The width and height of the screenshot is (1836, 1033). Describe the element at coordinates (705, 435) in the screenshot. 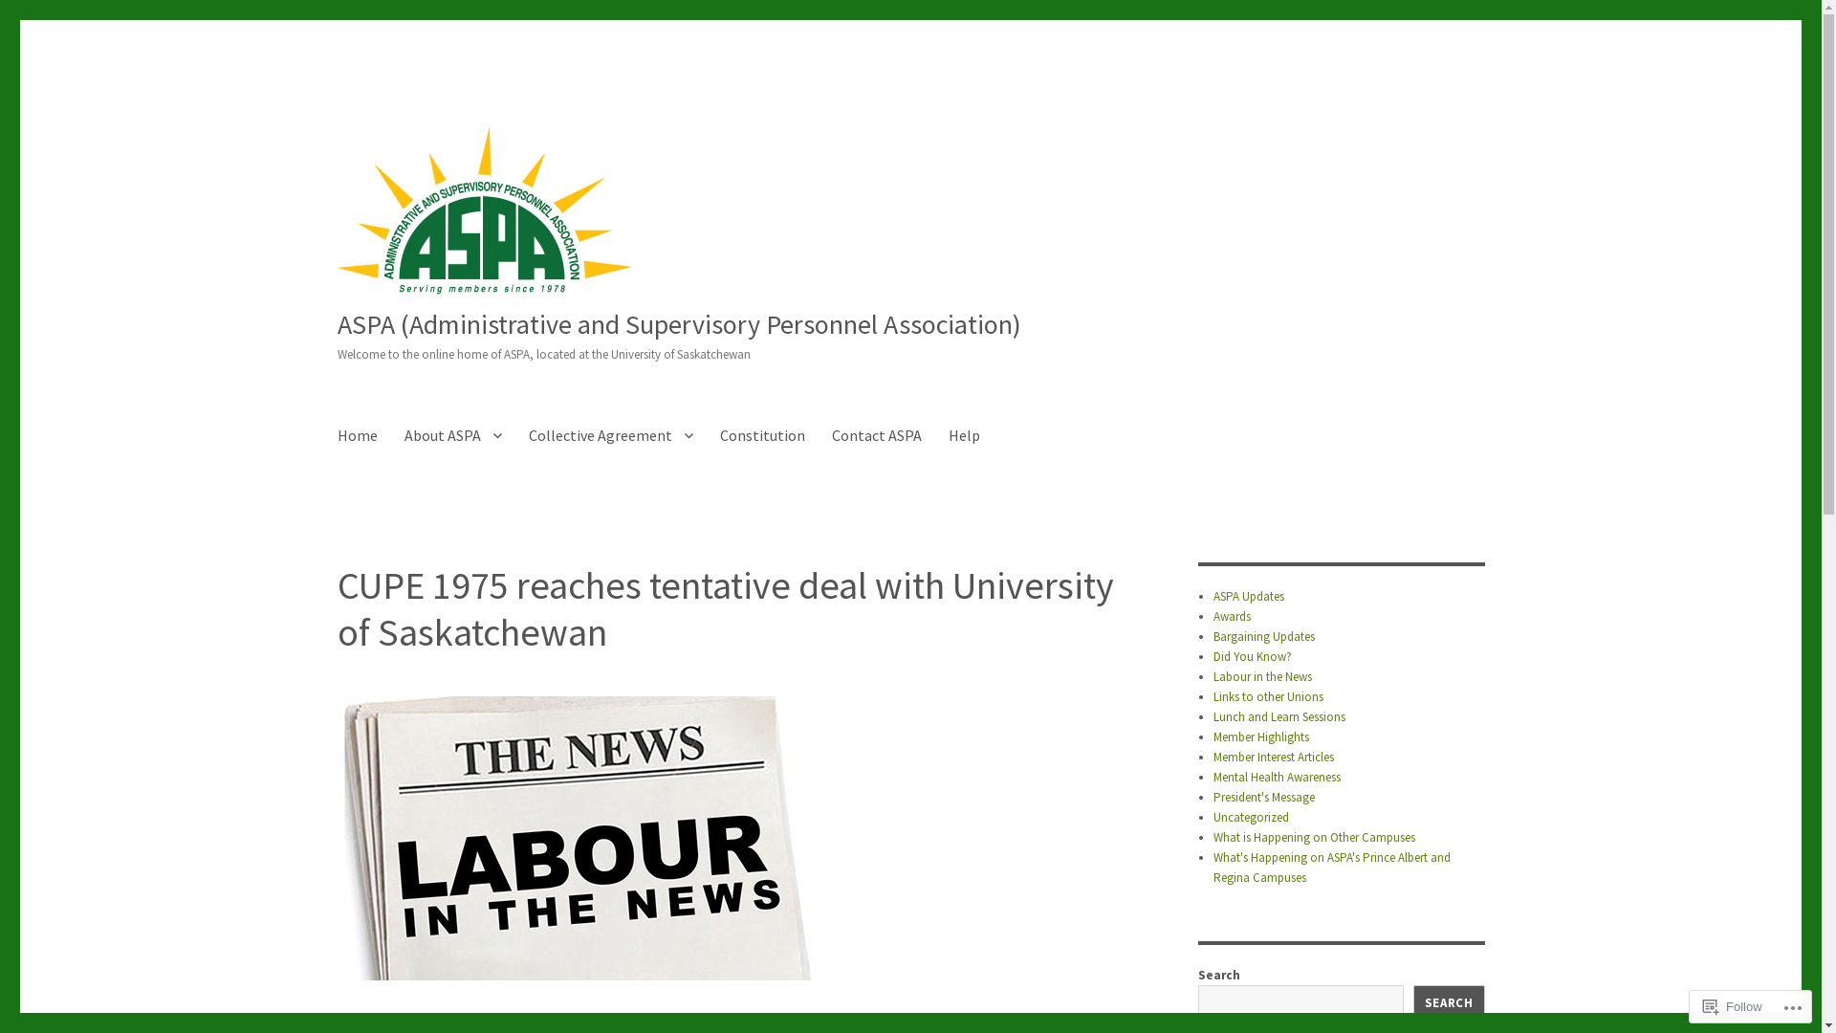

I see `'Constitution'` at that location.